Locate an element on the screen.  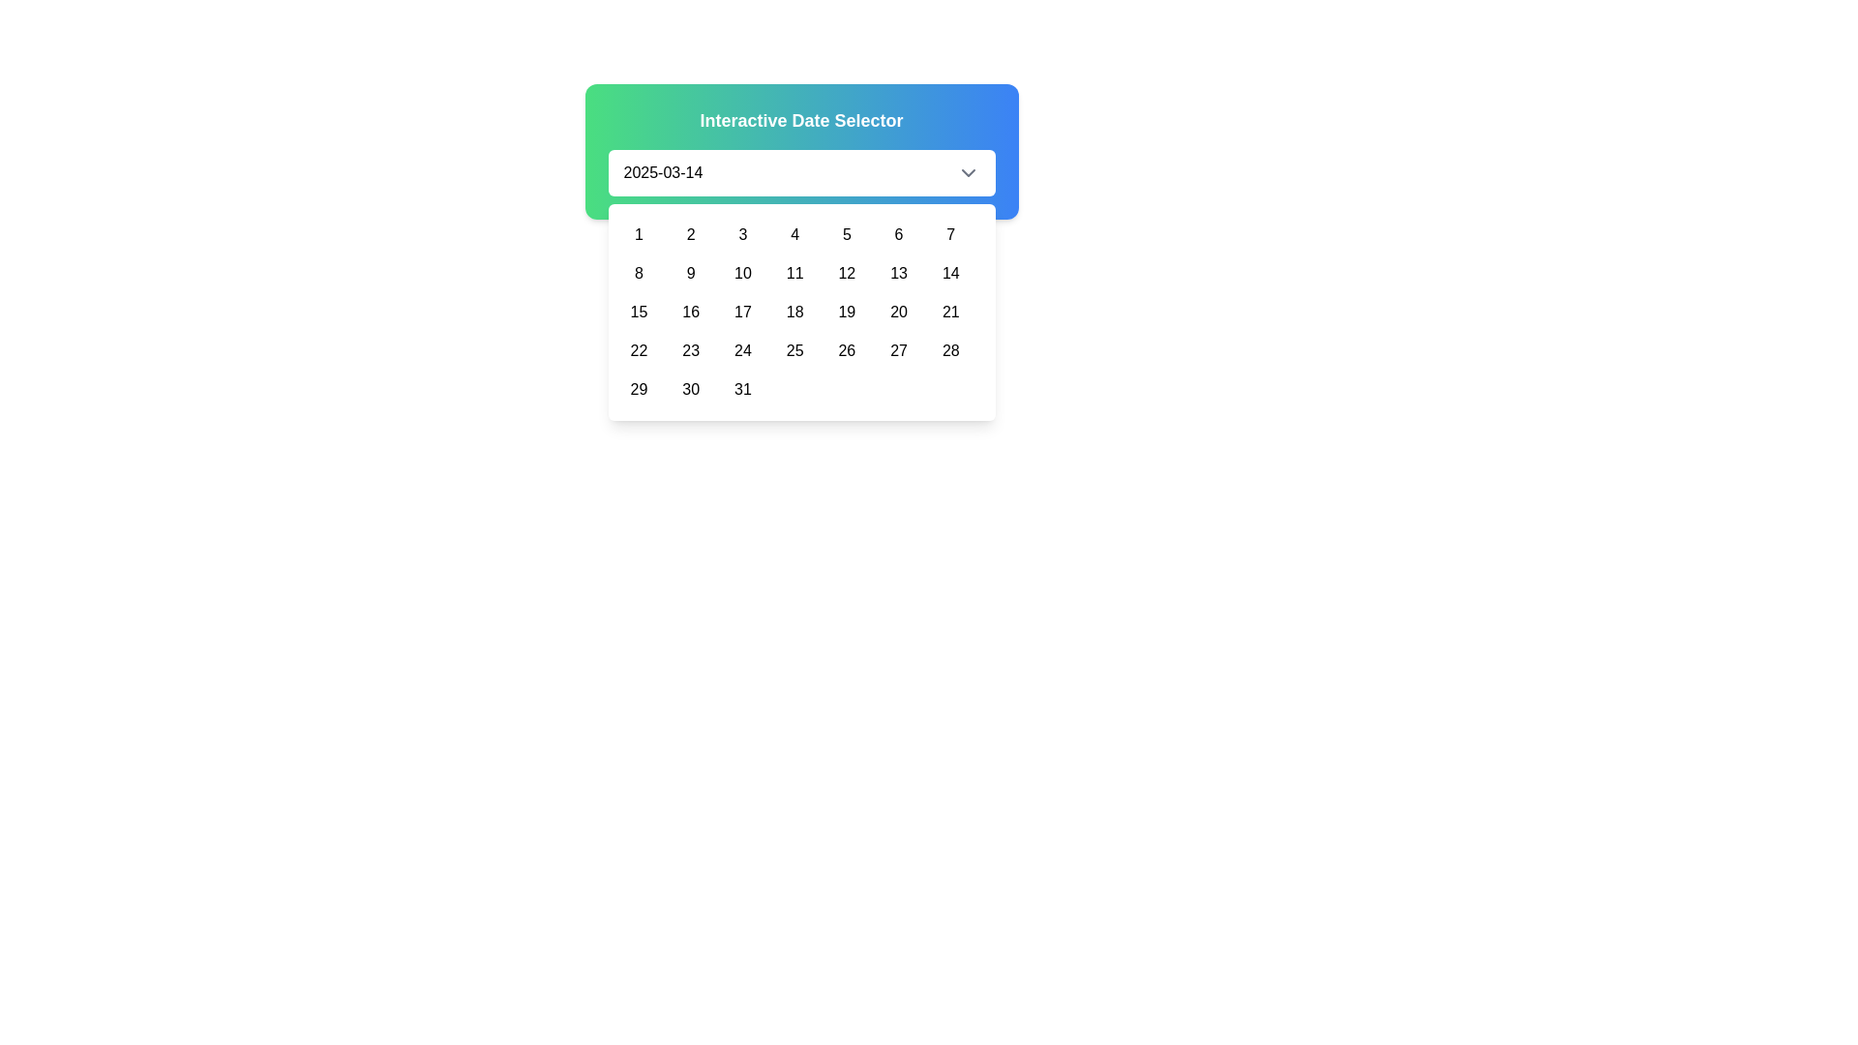
the first day of the month button in the calendar view to change its background color is located at coordinates (639, 234).